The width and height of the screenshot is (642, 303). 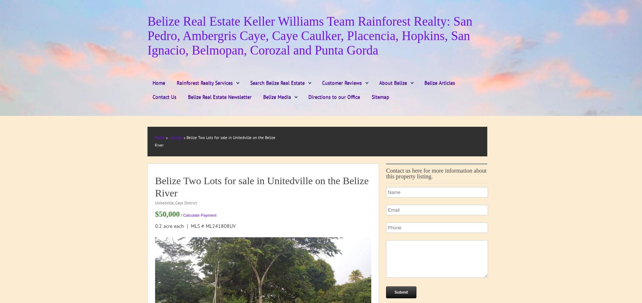 What do you see at coordinates (436, 173) in the screenshot?
I see `'Contact us here for more information about this property listing.'` at bounding box center [436, 173].